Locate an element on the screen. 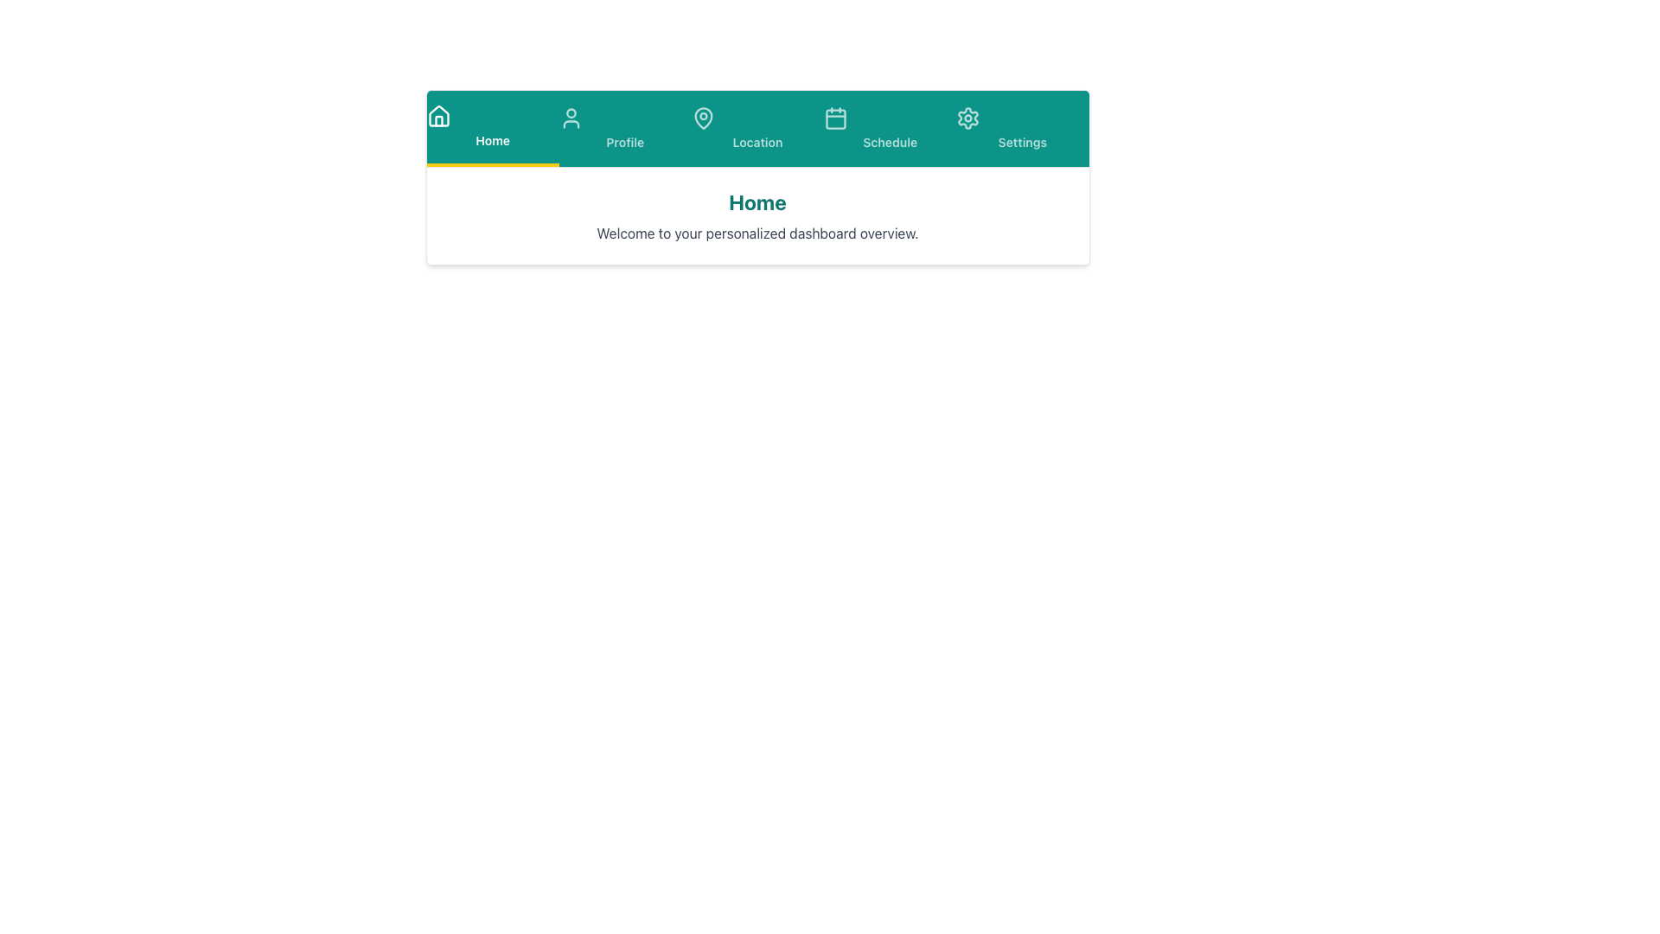 The image size is (1660, 934). the calendar icon button located in the navigation bar at the top of the interface, which is the fourth element from the left is located at coordinates (836, 118).